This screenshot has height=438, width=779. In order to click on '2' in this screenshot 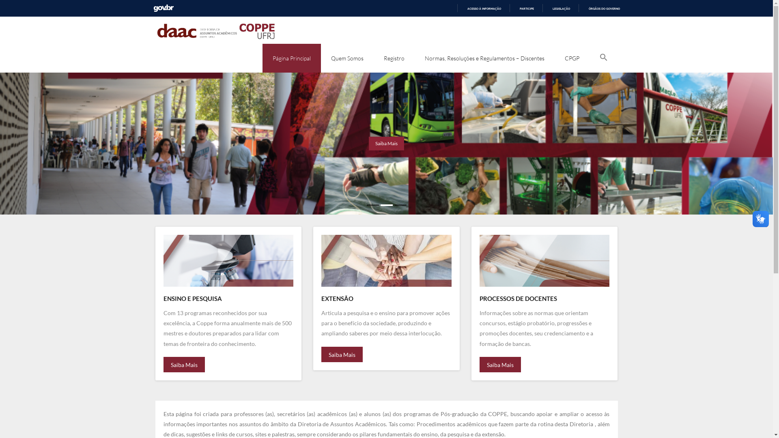, I will do `click(386, 204)`.